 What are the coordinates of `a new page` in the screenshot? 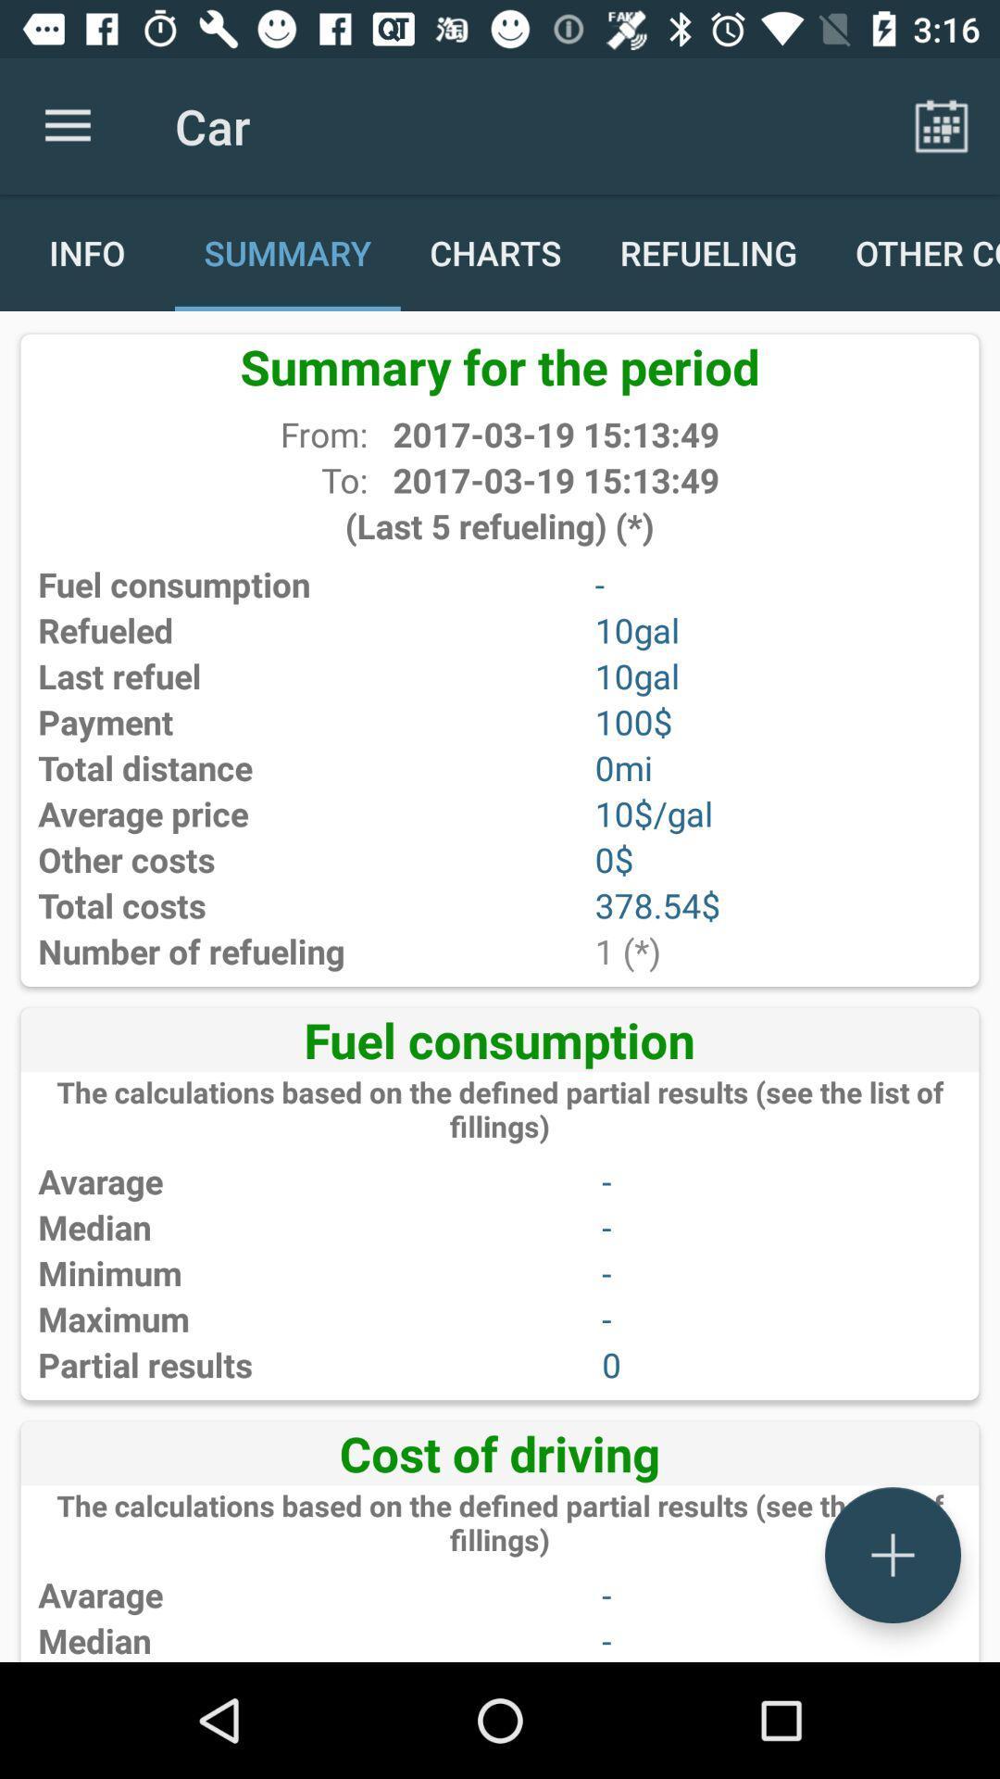 It's located at (892, 1555).